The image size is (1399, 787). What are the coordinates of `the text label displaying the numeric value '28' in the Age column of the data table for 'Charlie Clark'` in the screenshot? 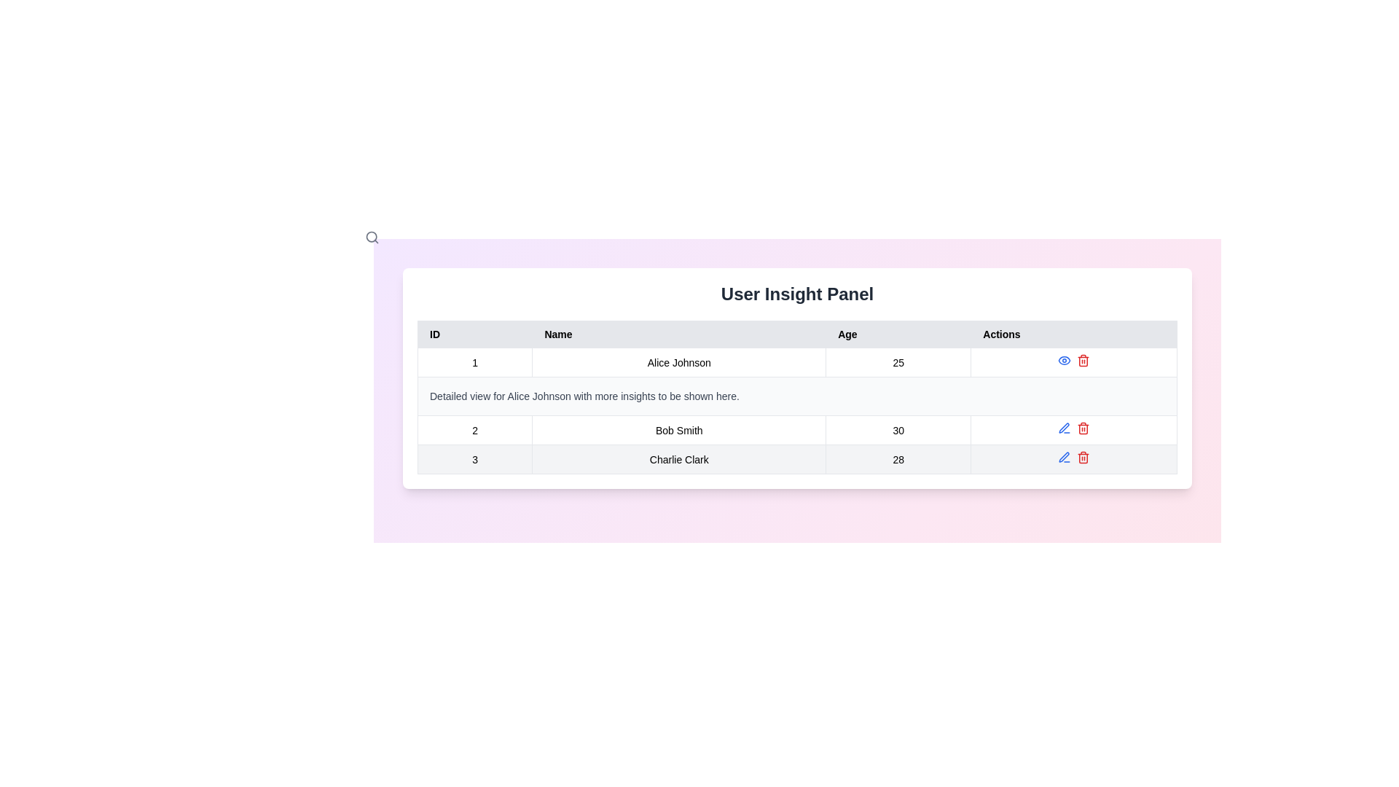 It's located at (898, 459).